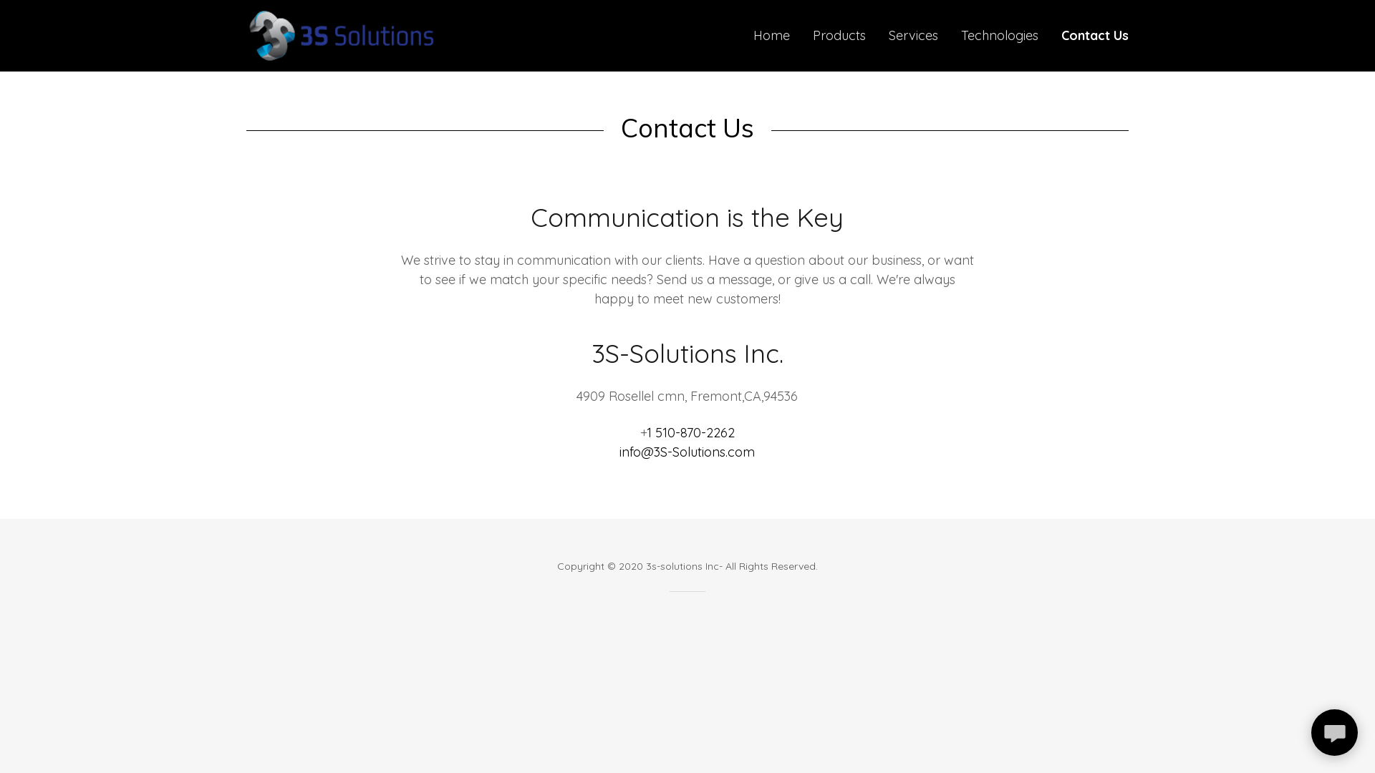  I want to click on 'info@3S-Solutions.com', so click(686, 452).